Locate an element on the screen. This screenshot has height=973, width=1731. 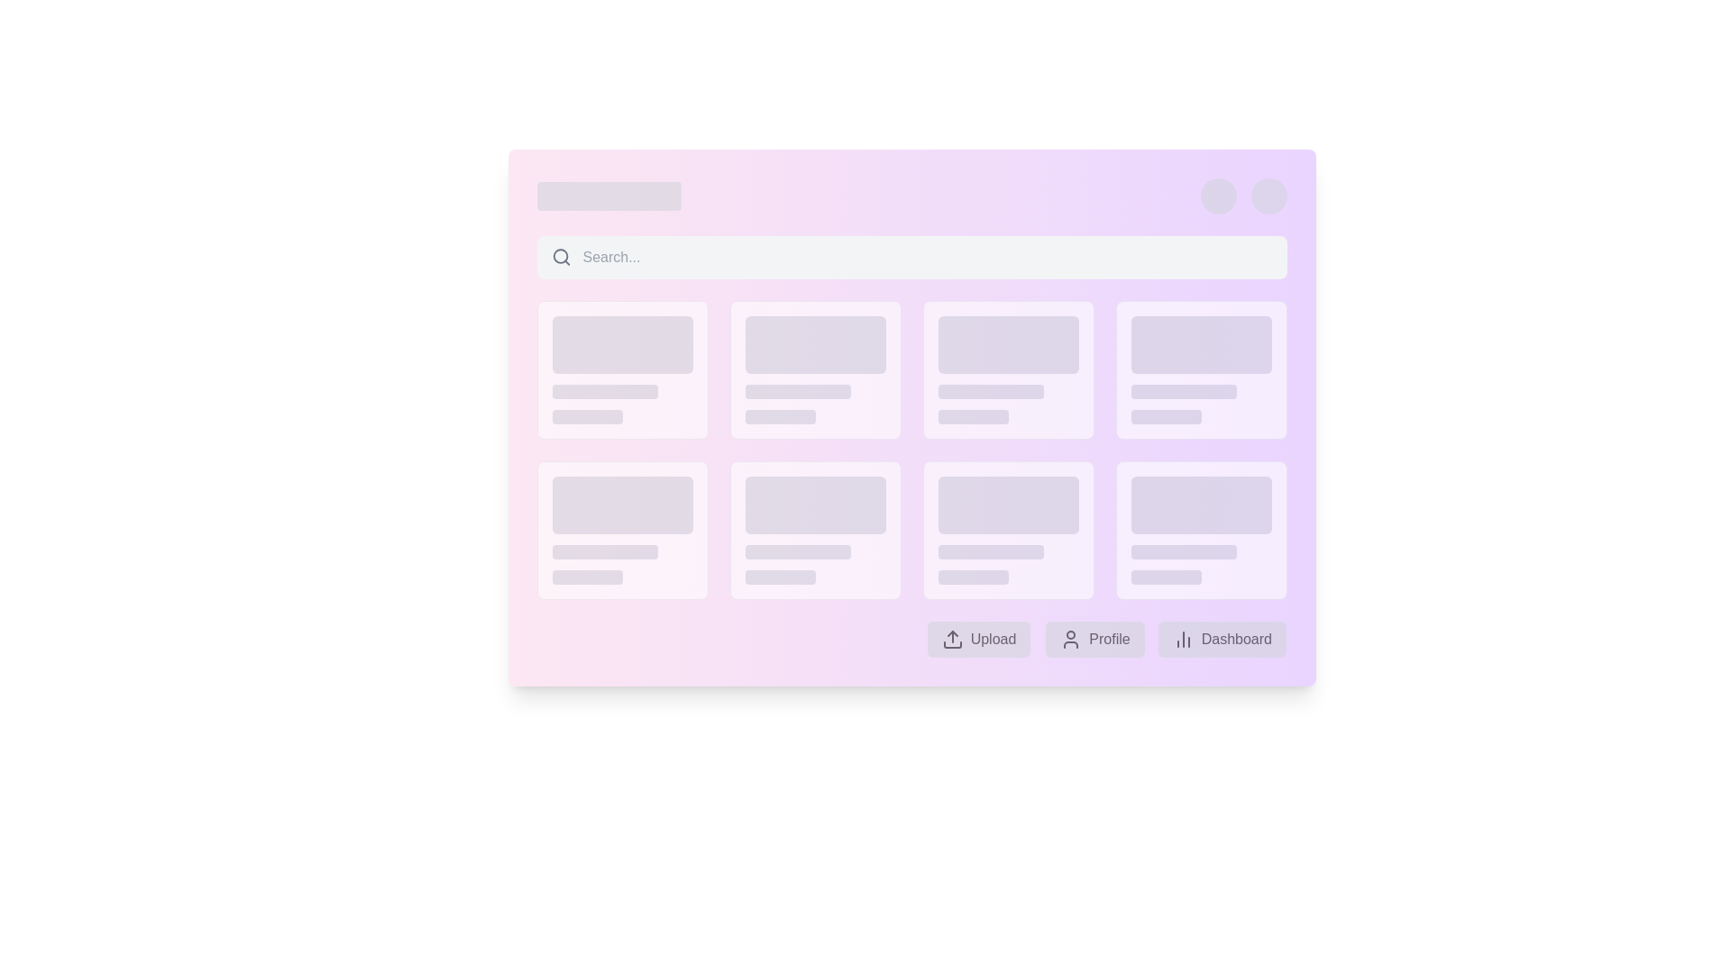
the third button in the horizontal menu group located at the bottom-right section of the layout to trigger tooltip or style changes is located at coordinates (1223, 638).